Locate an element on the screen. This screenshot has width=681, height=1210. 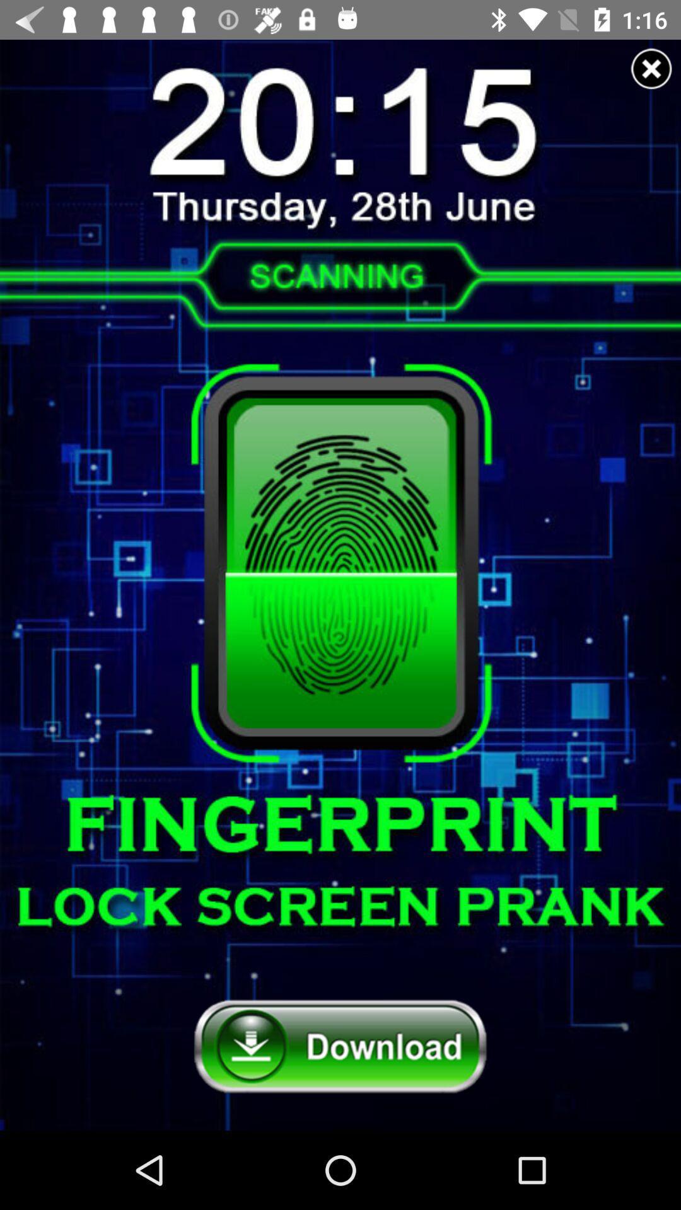
advertisement is located at coordinates (651, 68).